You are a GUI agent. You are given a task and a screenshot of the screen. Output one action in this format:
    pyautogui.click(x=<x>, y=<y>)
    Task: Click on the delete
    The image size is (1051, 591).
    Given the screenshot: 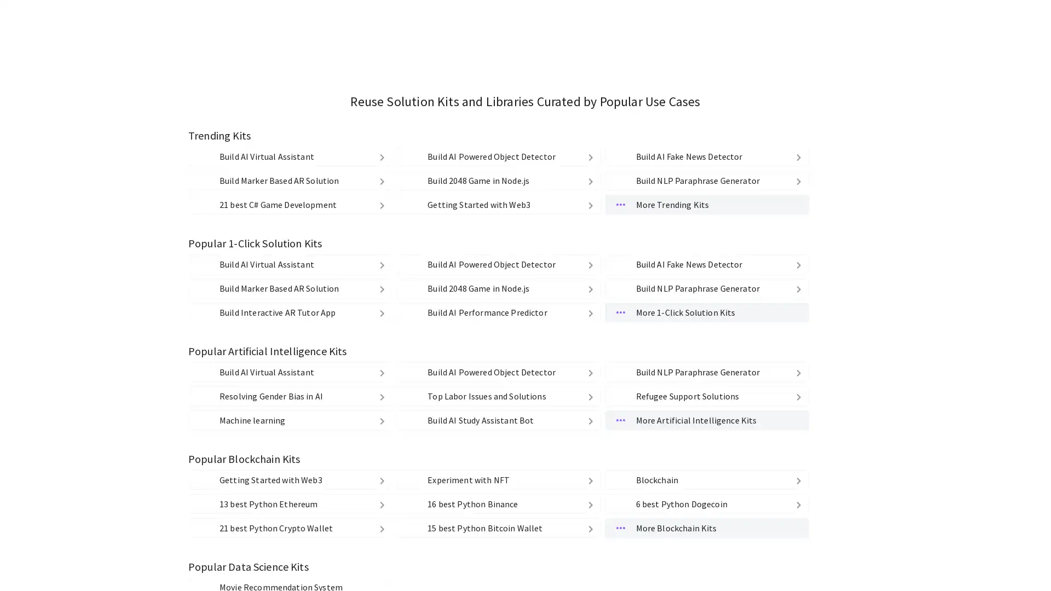 What is the action you would take?
    pyautogui.click(x=382, y=564)
    